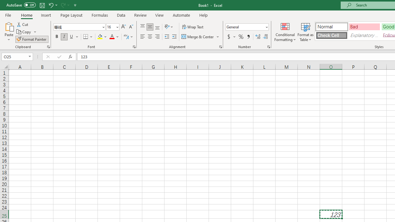 The height and width of the screenshot is (222, 395). What do you see at coordinates (160, 15) in the screenshot?
I see `'View'` at bounding box center [160, 15].